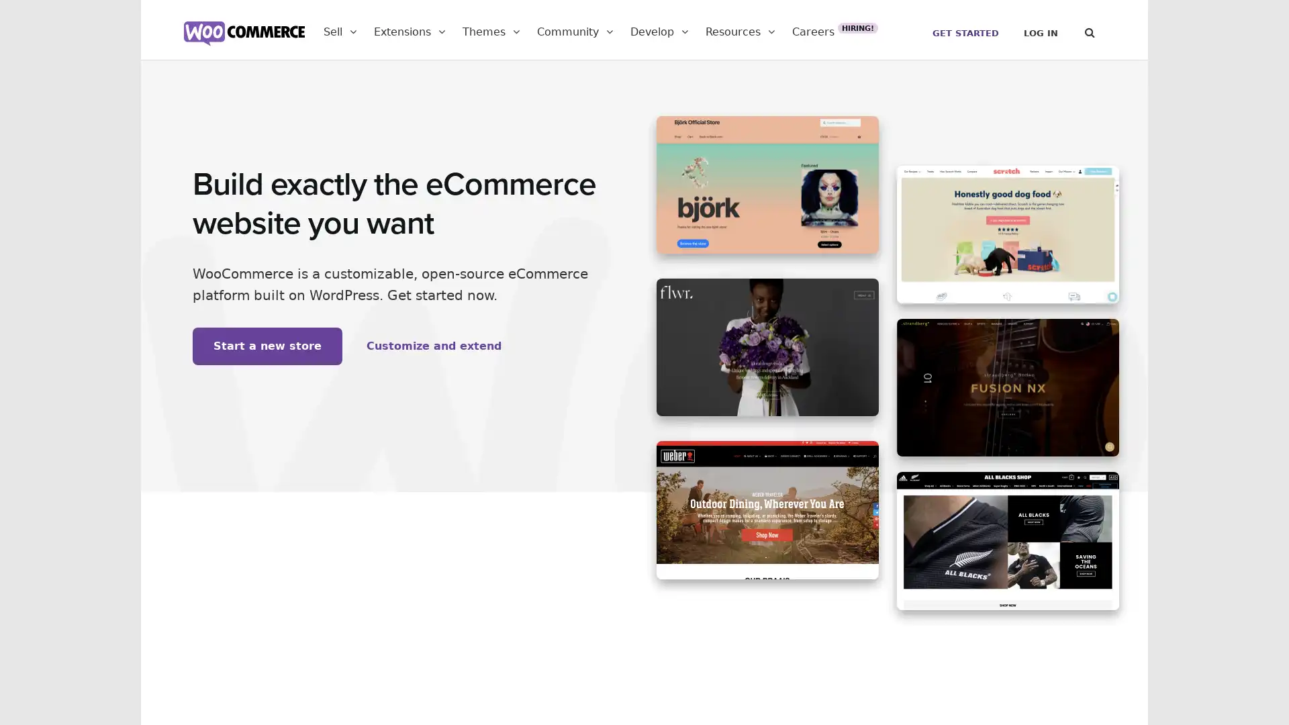 The height and width of the screenshot is (725, 1289). What do you see at coordinates (1090, 32) in the screenshot?
I see `Search` at bounding box center [1090, 32].